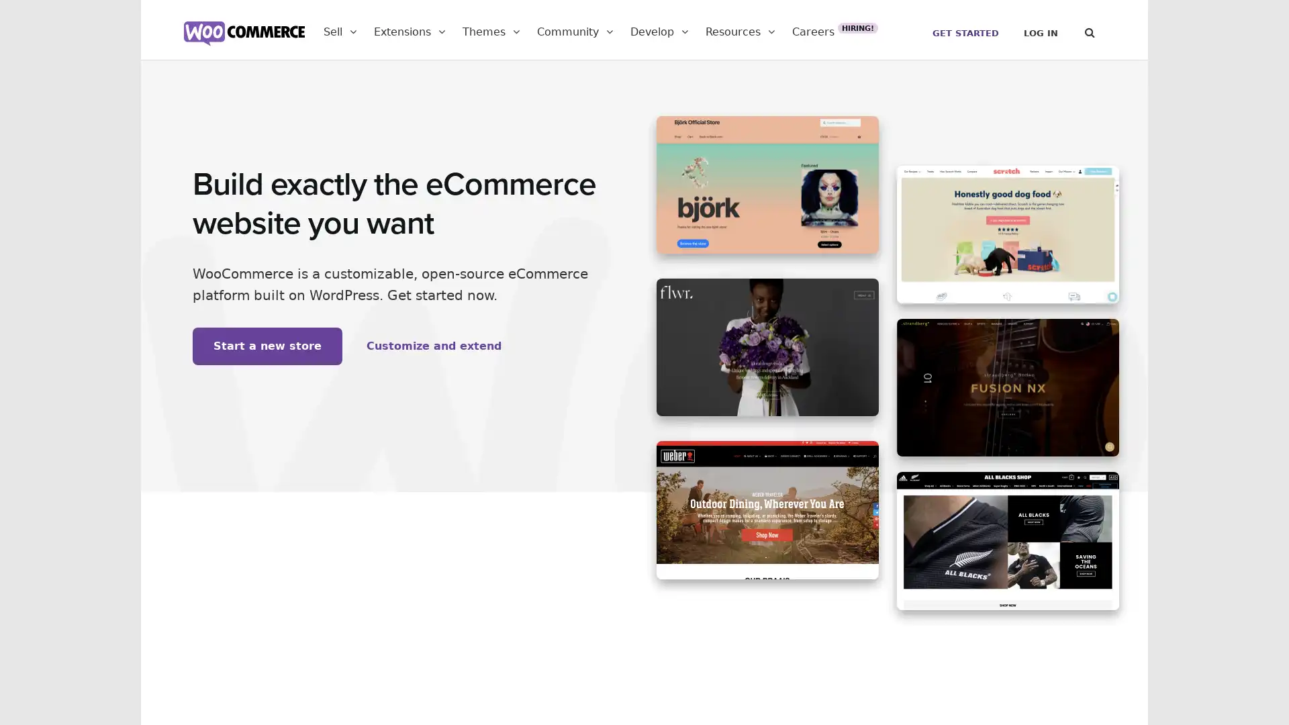 The height and width of the screenshot is (725, 1289). What do you see at coordinates (1090, 32) in the screenshot?
I see `Search` at bounding box center [1090, 32].